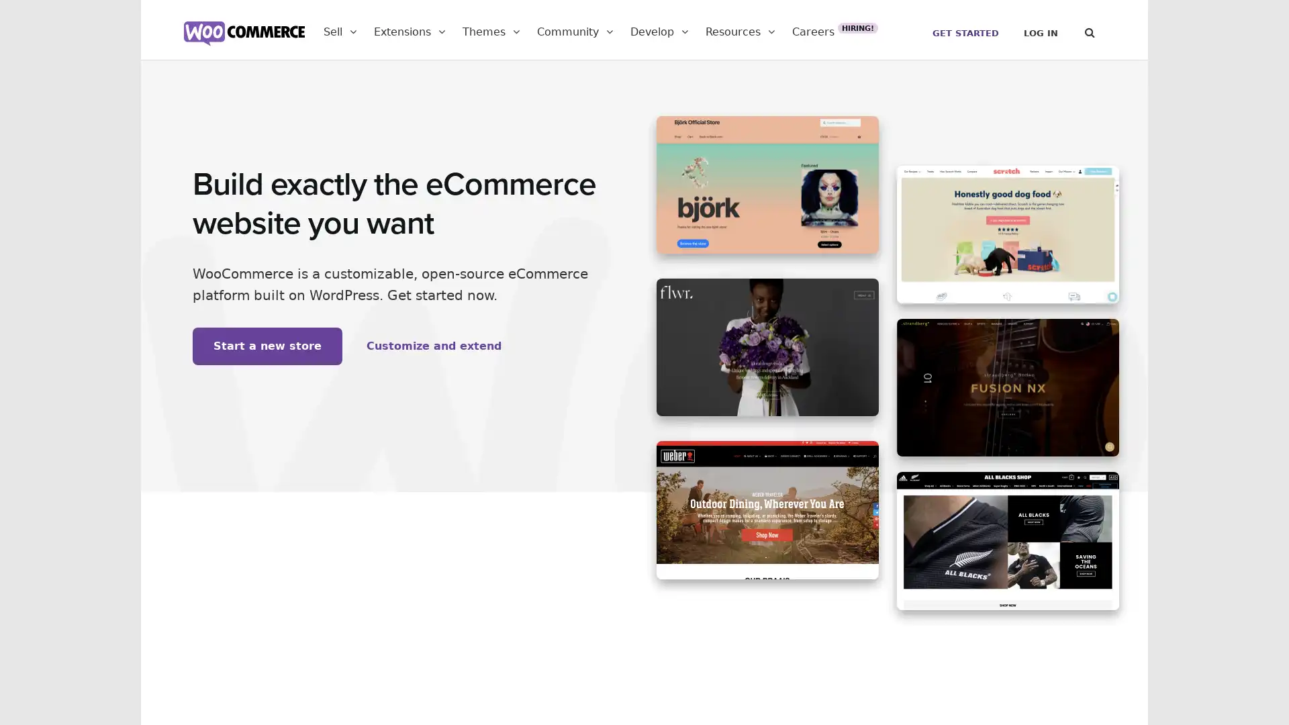 The height and width of the screenshot is (725, 1289). What do you see at coordinates (1090, 32) in the screenshot?
I see `Search` at bounding box center [1090, 32].